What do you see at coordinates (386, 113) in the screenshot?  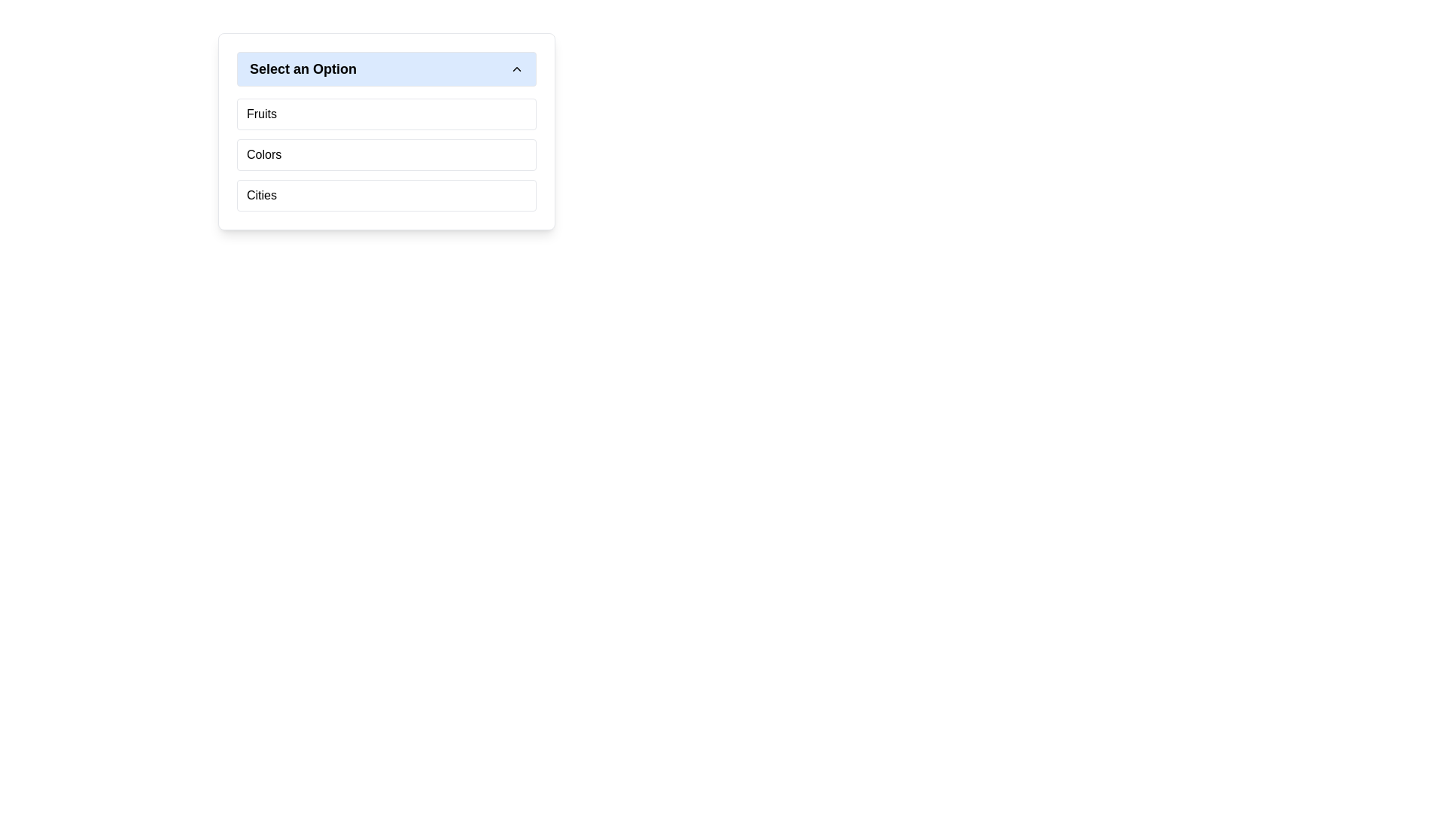 I see `the 'Fruits' button-like list item` at bounding box center [386, 113].